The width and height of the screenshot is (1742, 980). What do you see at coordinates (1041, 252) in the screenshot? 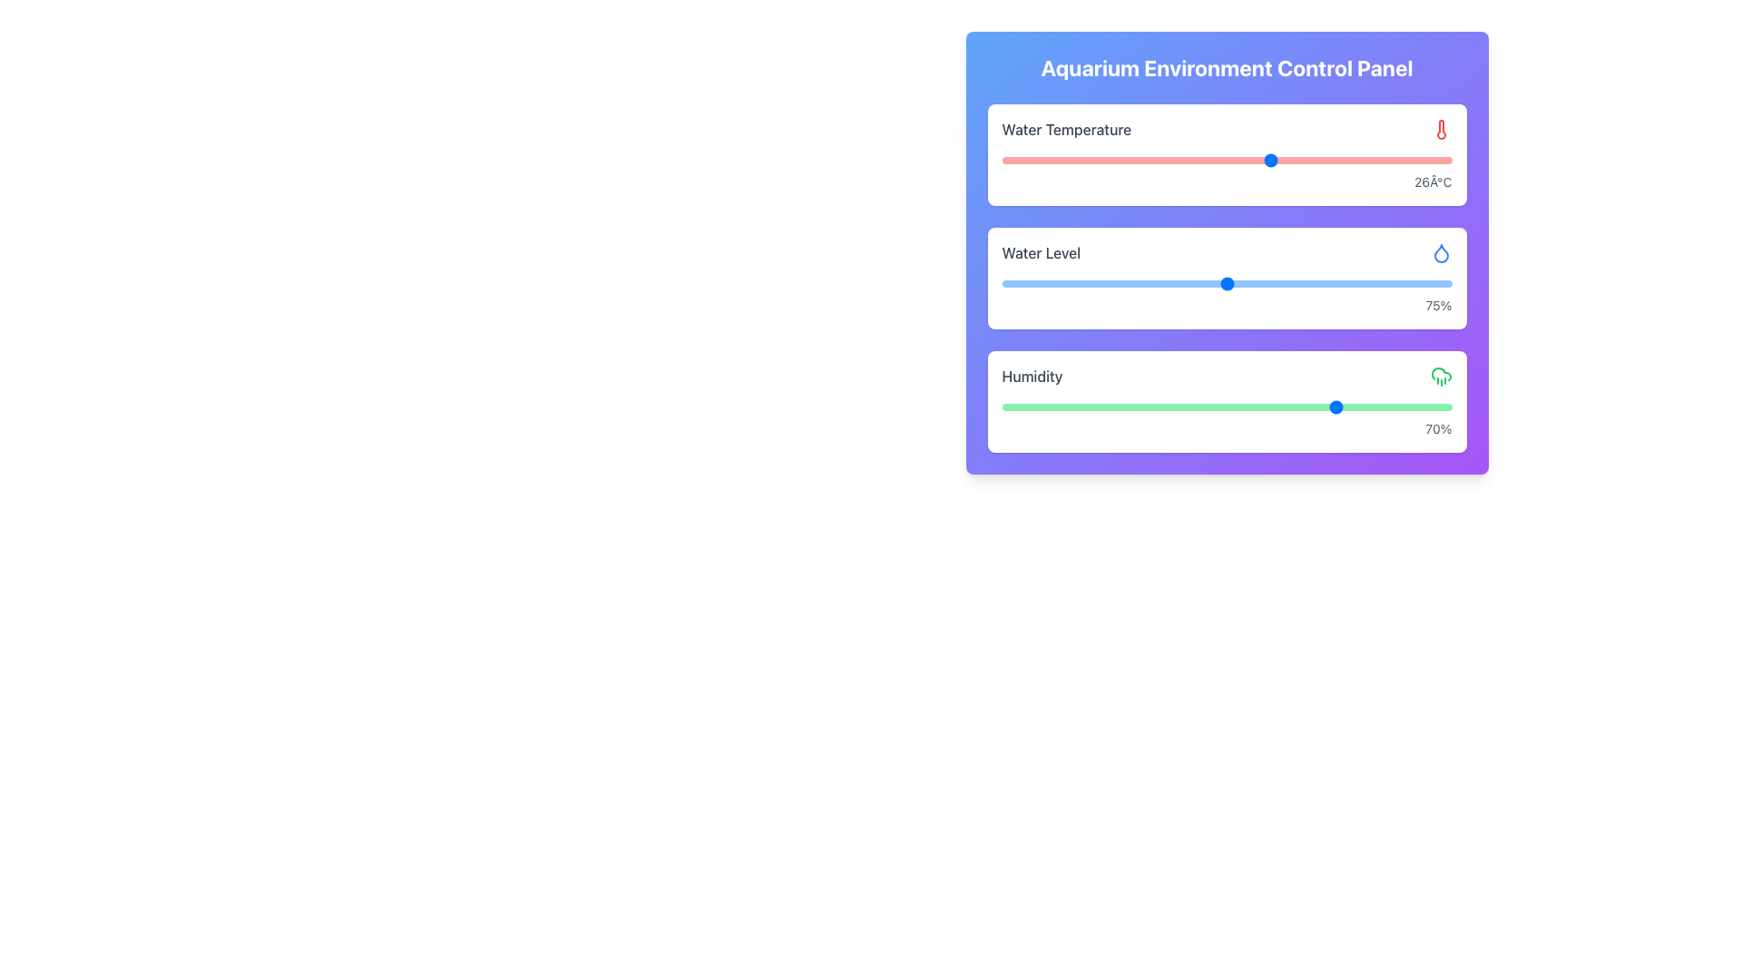
I see `the 'Water Level' static text label, which is styled in gray and located between 'Water Temperature' and 'Humidity'` at bounding box center [1041, 252].